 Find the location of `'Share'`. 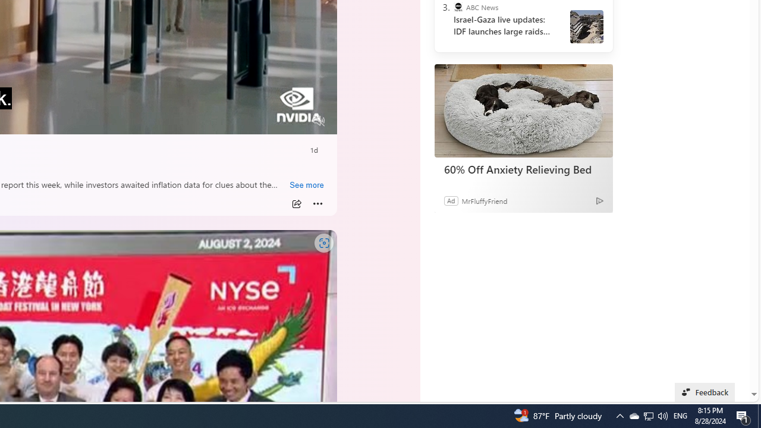

'Share' is located at coordinates (296, 203).